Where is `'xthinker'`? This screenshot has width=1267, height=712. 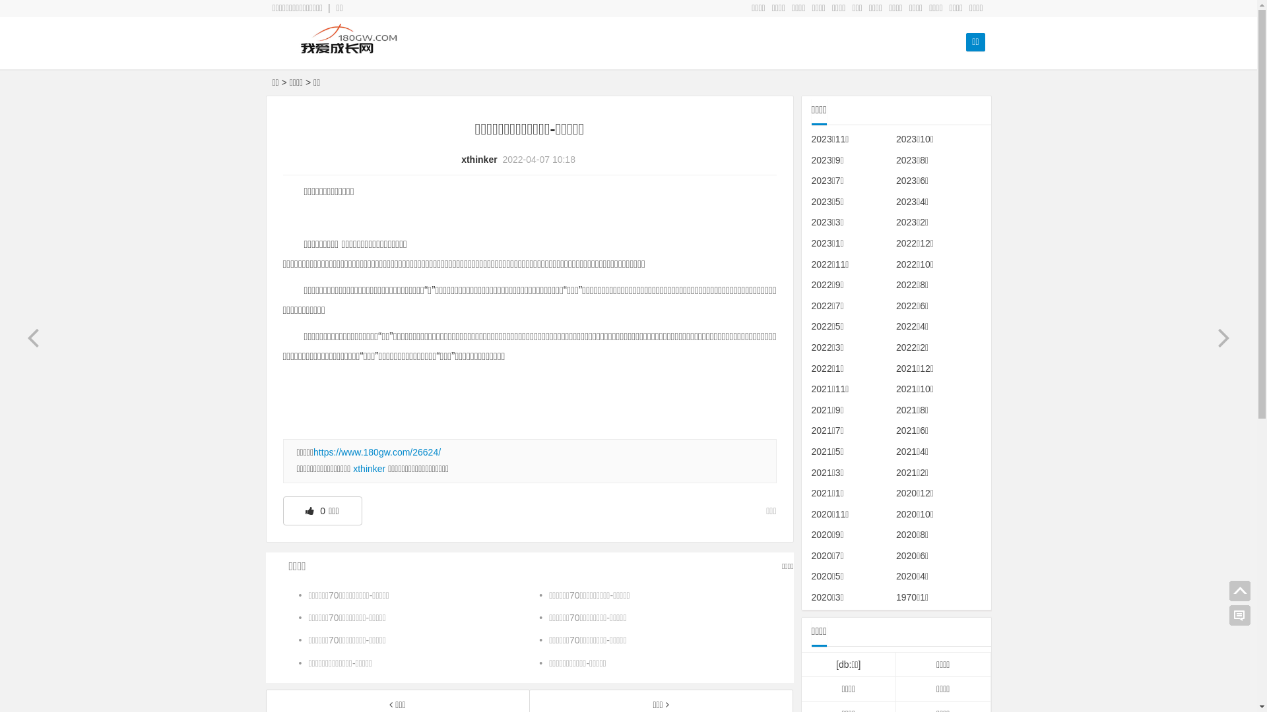 'xthinker' is located at coordinates (369, 467).